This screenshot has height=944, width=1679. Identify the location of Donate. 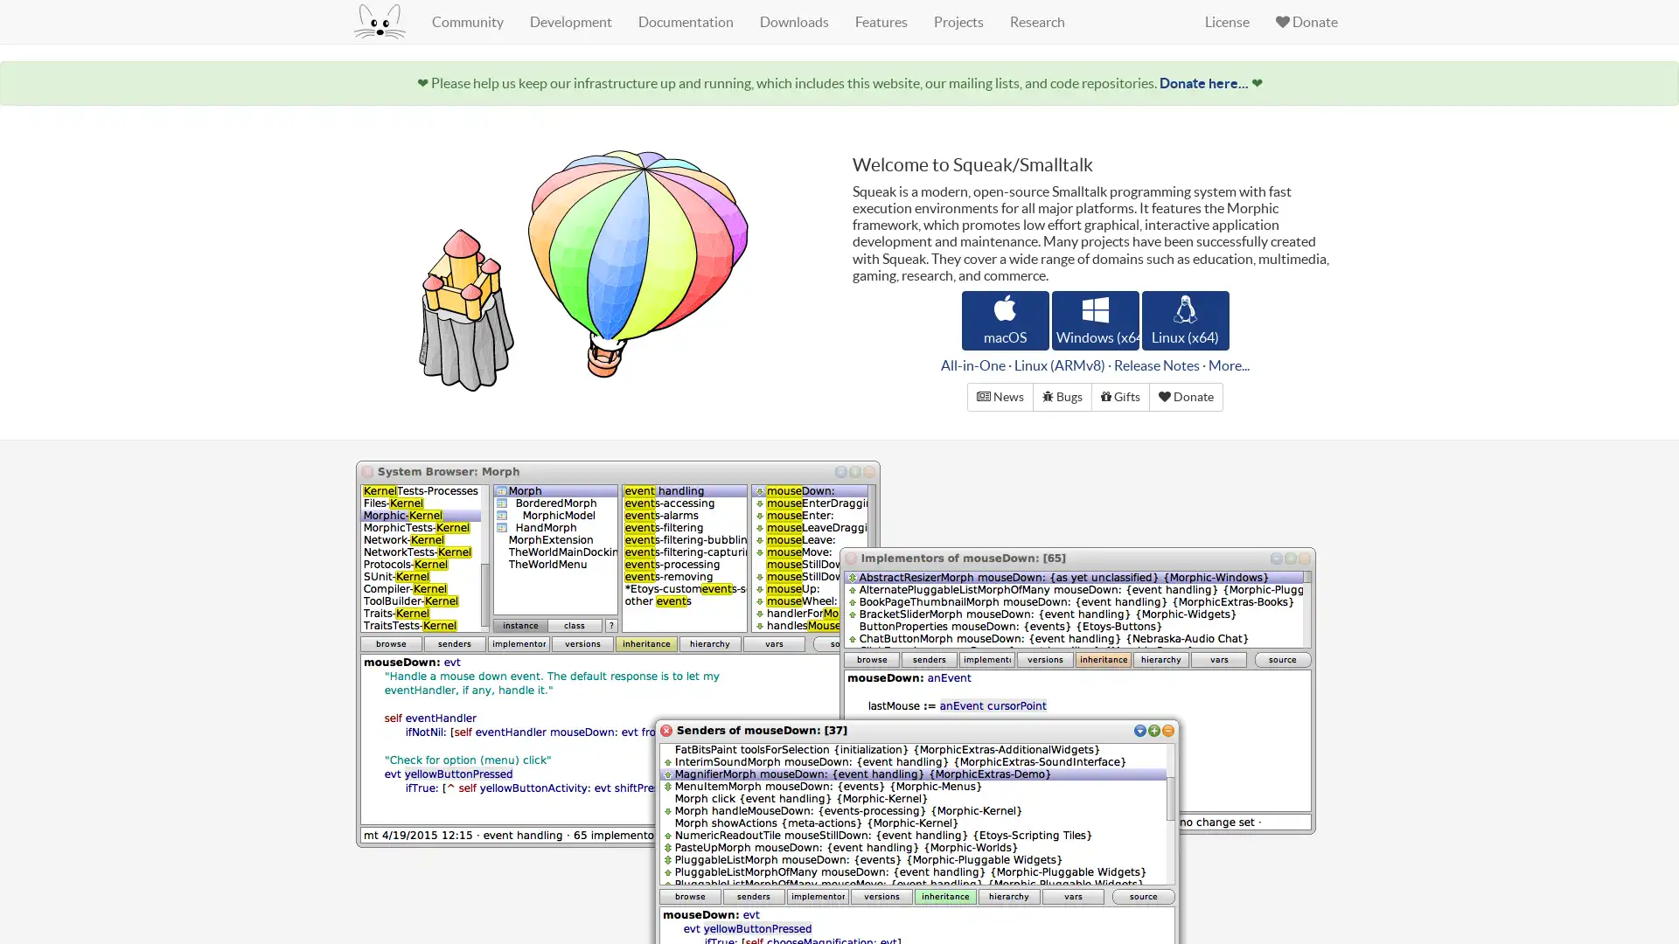
(1186, 396).